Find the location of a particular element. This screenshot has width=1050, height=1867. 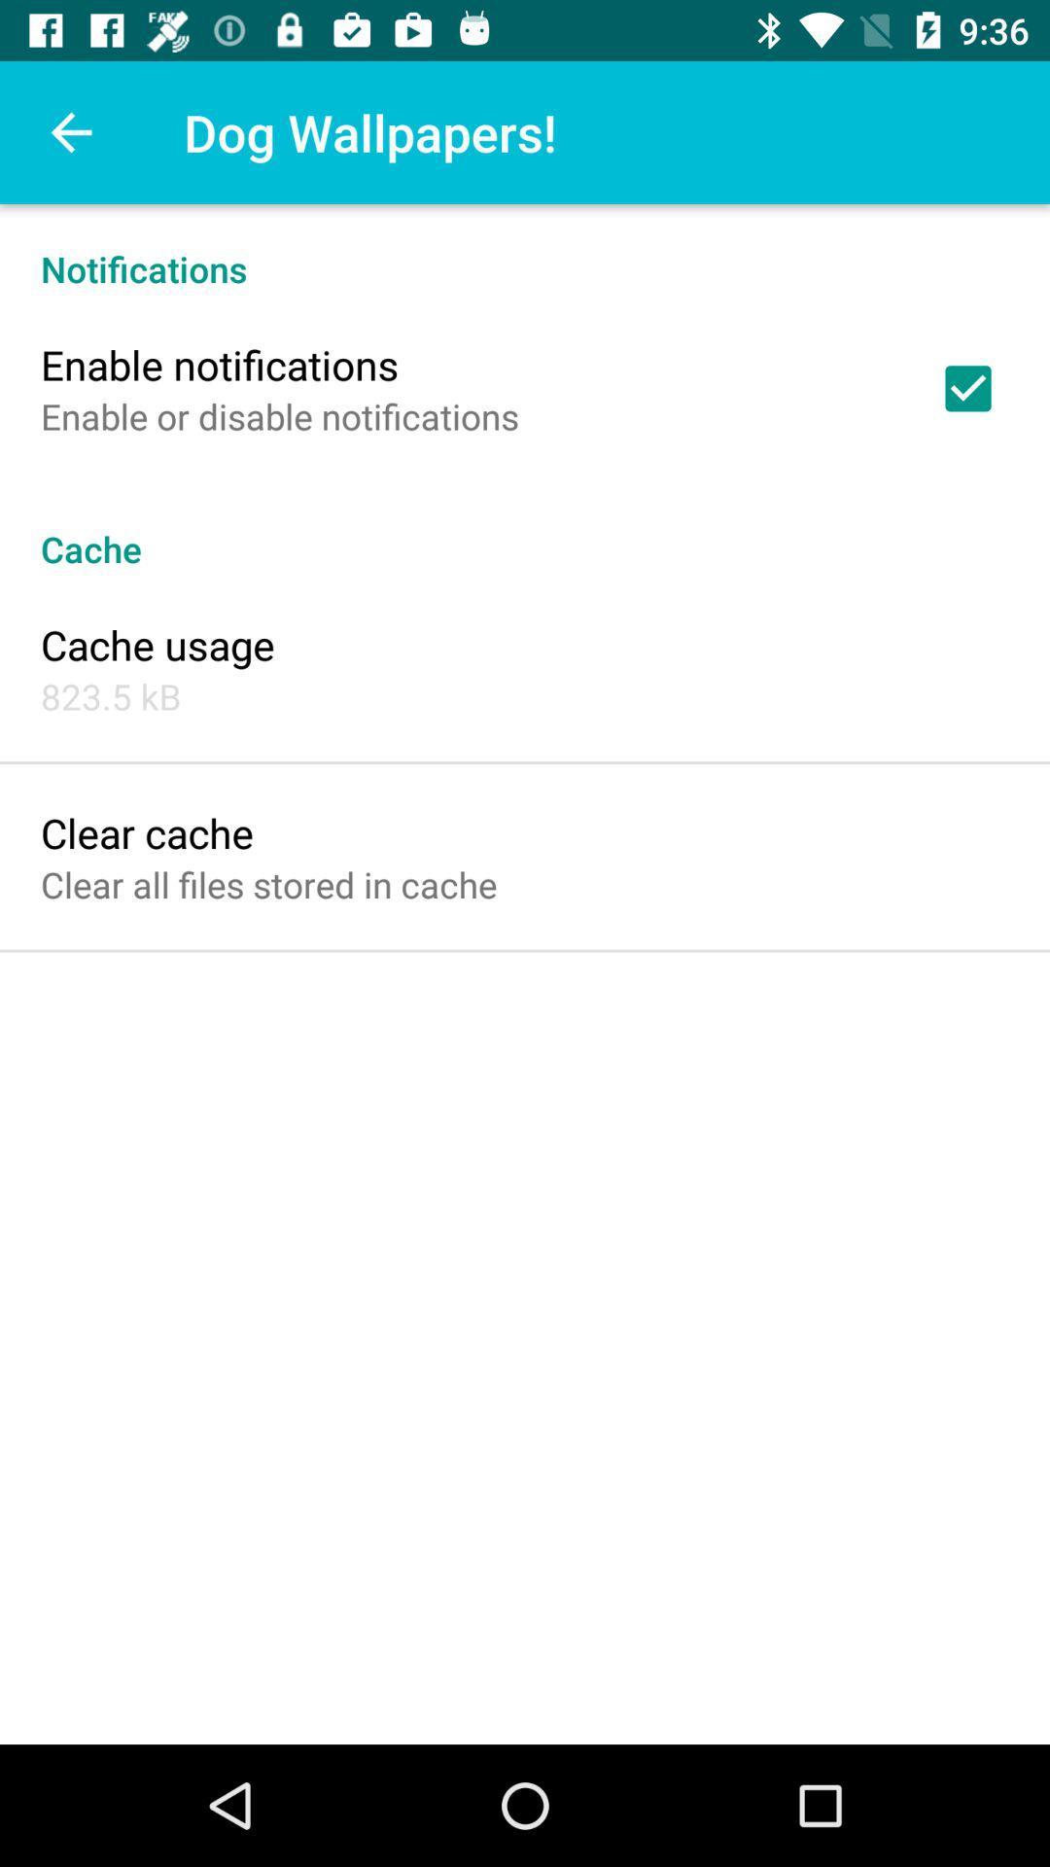

item next to the dog wallpapers! is located at coordinates (70, 131).